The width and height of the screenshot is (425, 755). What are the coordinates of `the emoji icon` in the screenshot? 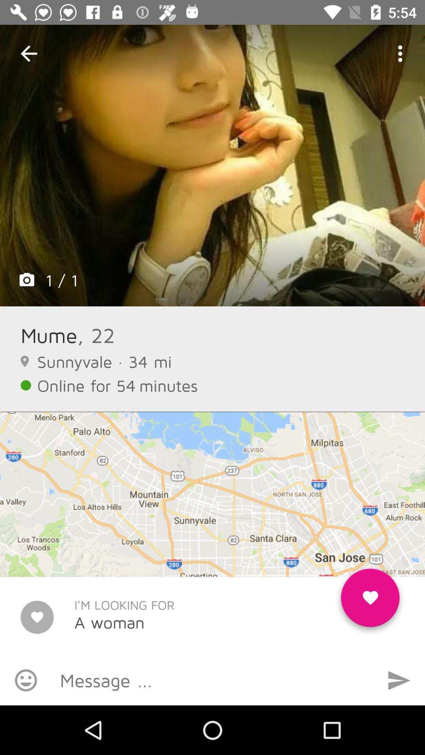 It's located at (25, 680).